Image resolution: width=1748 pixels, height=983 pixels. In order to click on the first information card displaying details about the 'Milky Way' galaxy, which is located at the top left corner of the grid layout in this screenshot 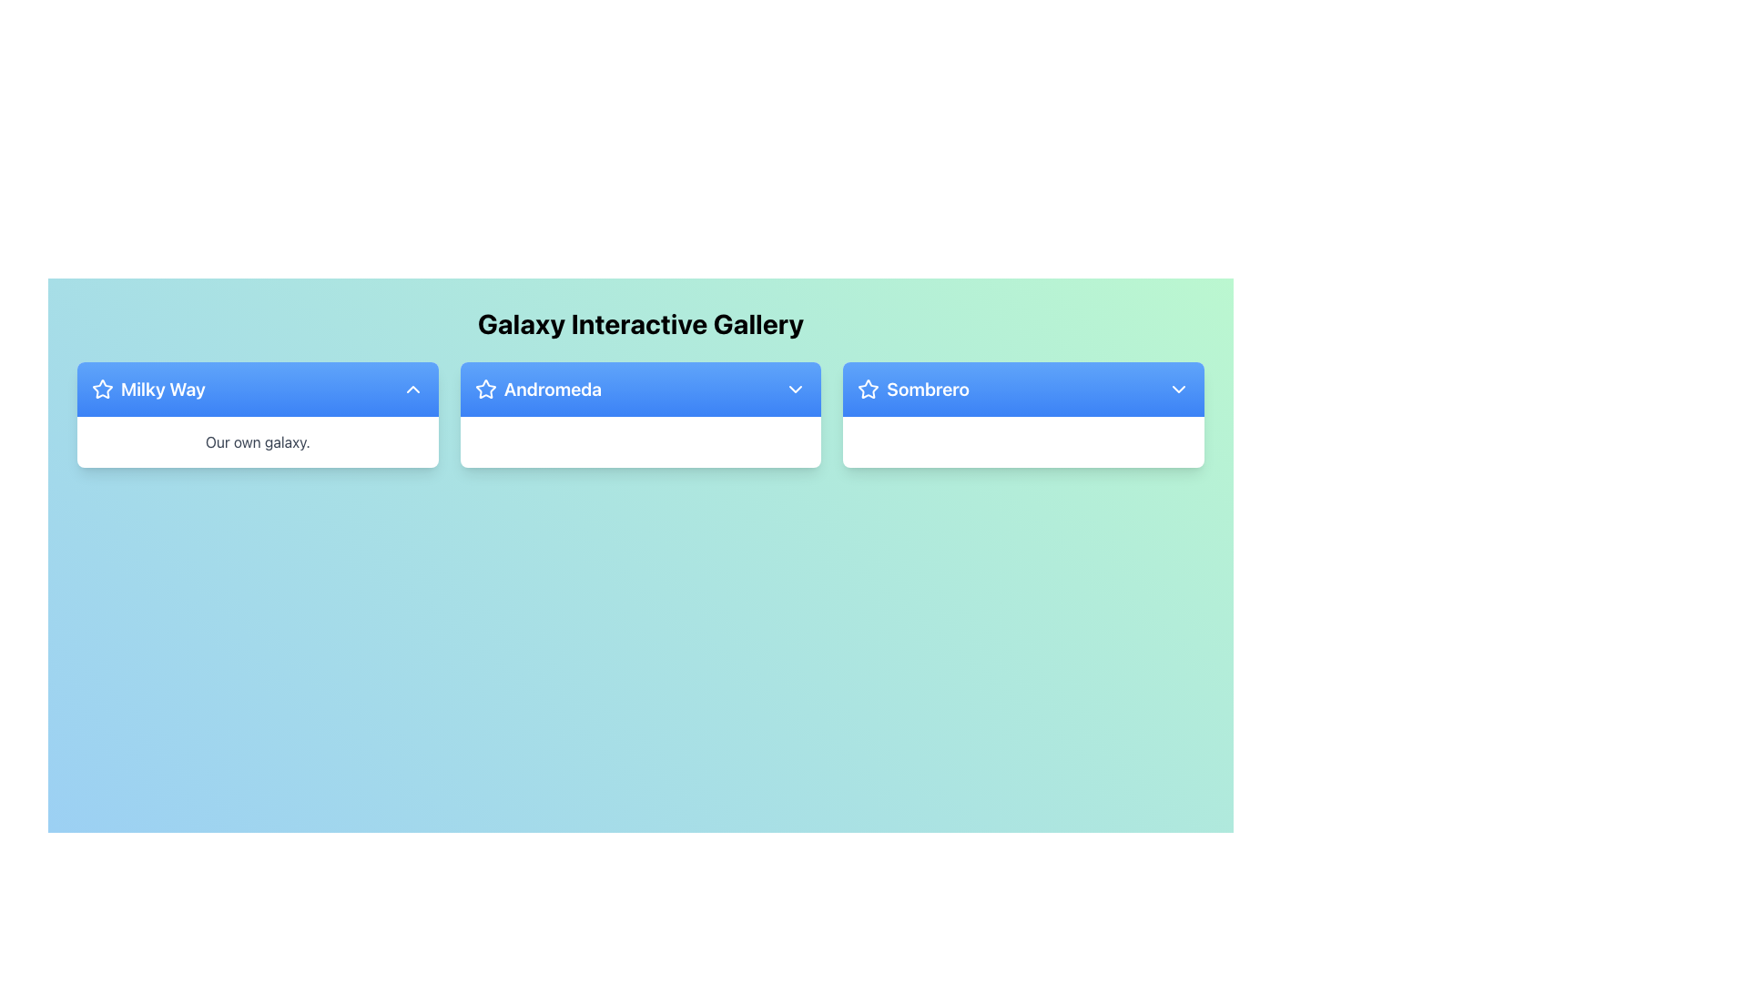, I will do `click(257, 414)`.